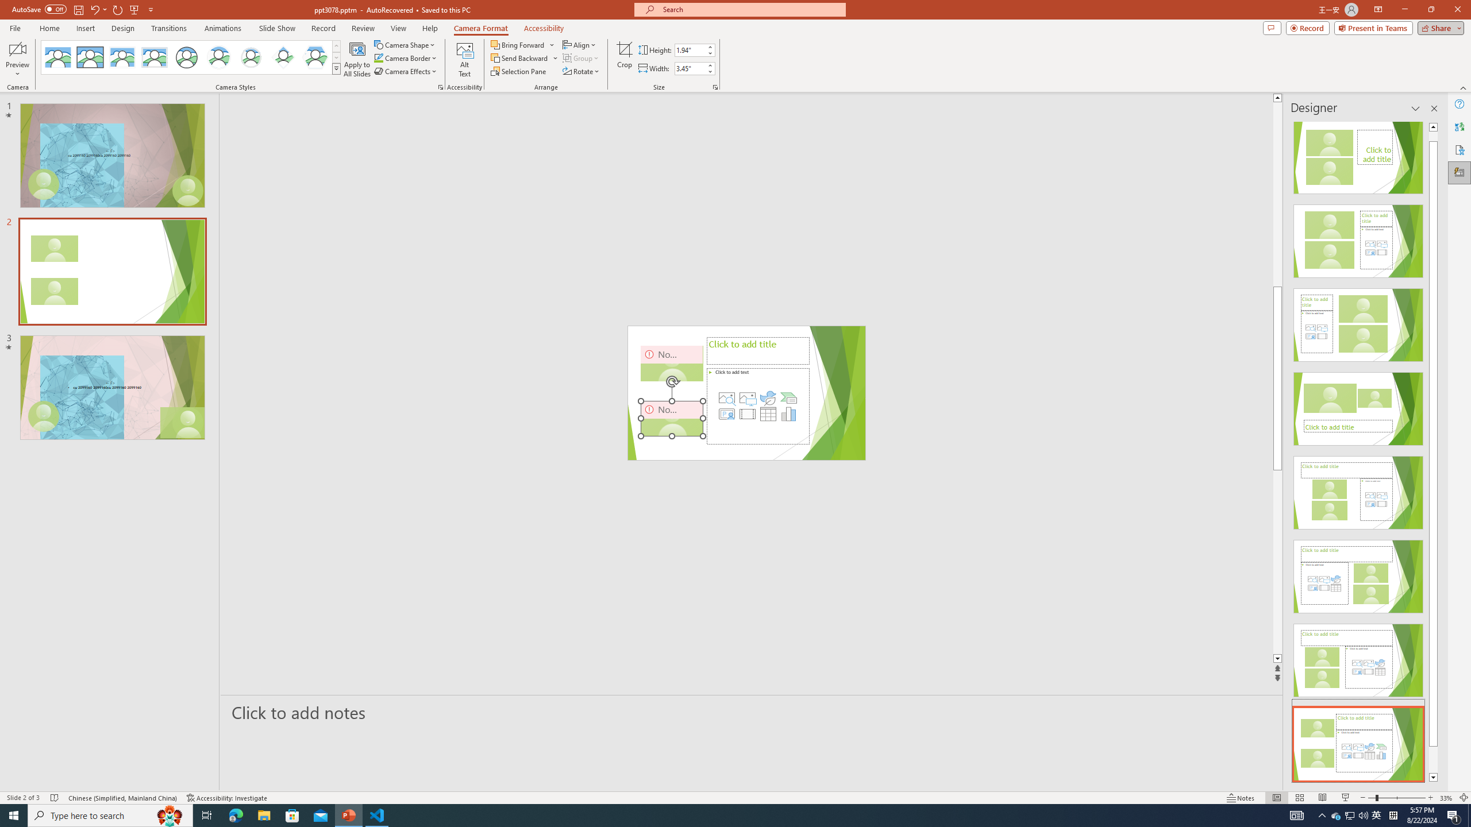 The height and width of the screenshot is (827, 1471). I want to click on 'Camera 3, No camera detected.', so click(692, 392).